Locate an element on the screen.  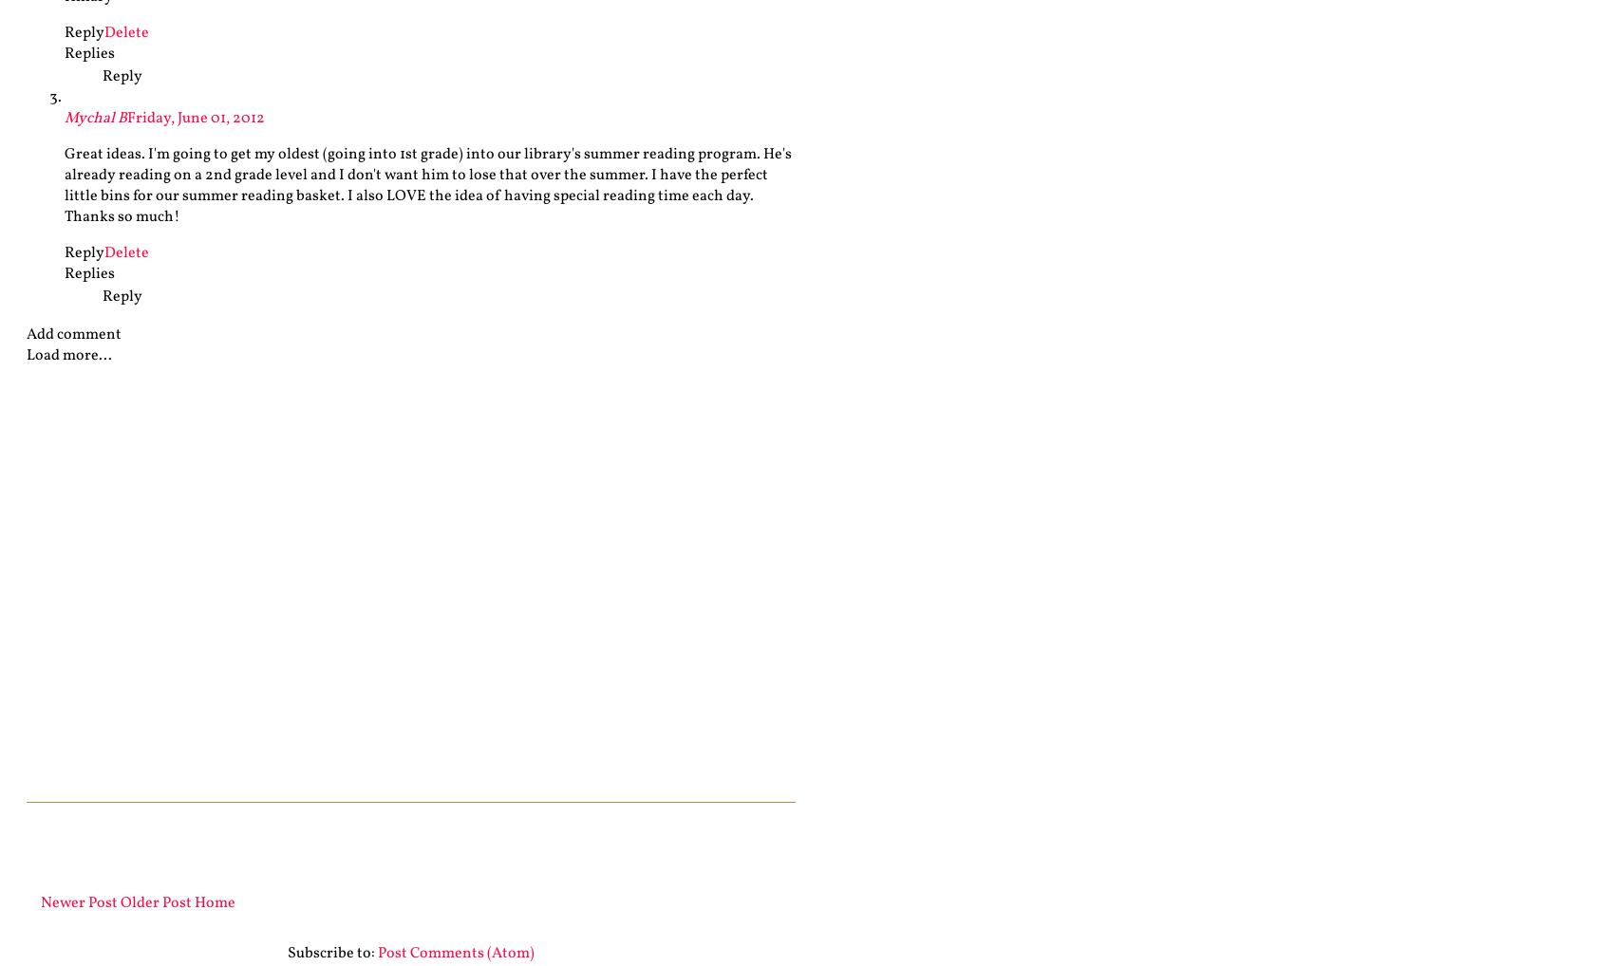
'Mychal B' is located at coordinates (94, 118).